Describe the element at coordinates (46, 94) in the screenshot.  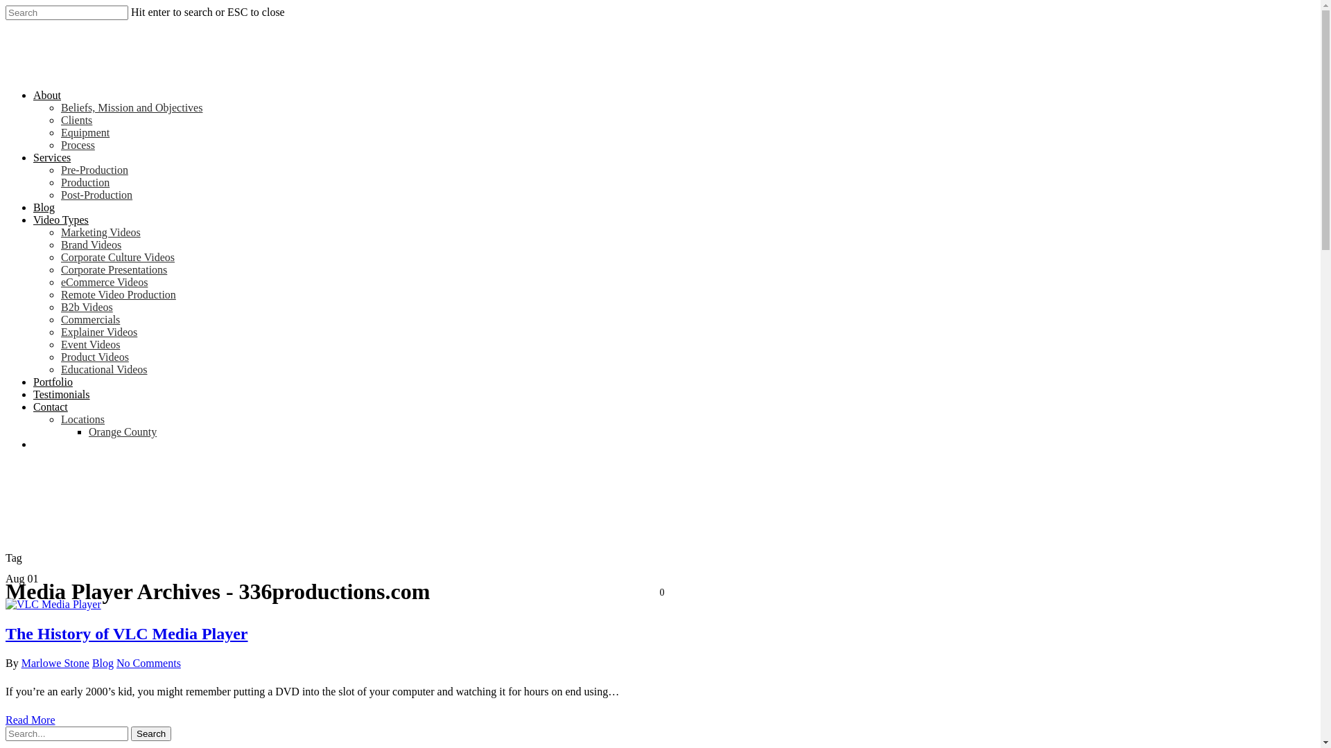
I see `'About'` at that location.